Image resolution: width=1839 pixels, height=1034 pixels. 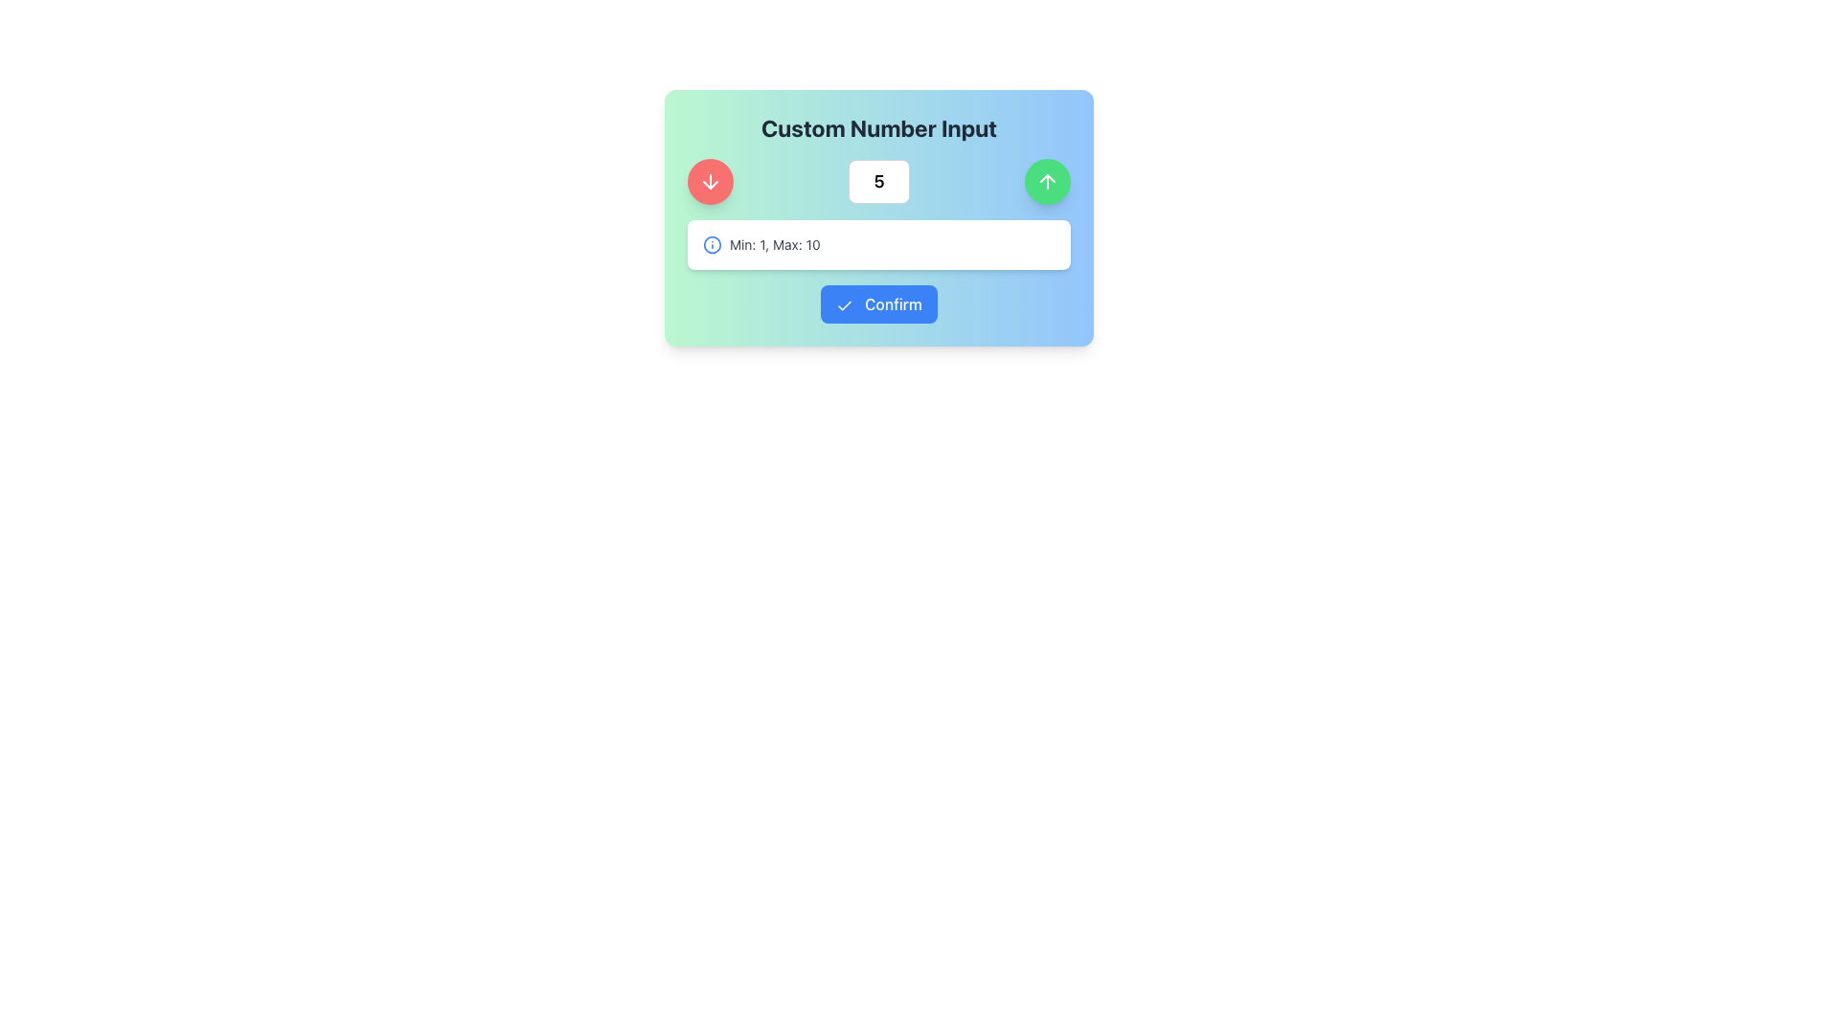 I want to click on the decrement button, which is a circular button located on the left side of the number input field, to change its appearance, so click(x=710, y=181).